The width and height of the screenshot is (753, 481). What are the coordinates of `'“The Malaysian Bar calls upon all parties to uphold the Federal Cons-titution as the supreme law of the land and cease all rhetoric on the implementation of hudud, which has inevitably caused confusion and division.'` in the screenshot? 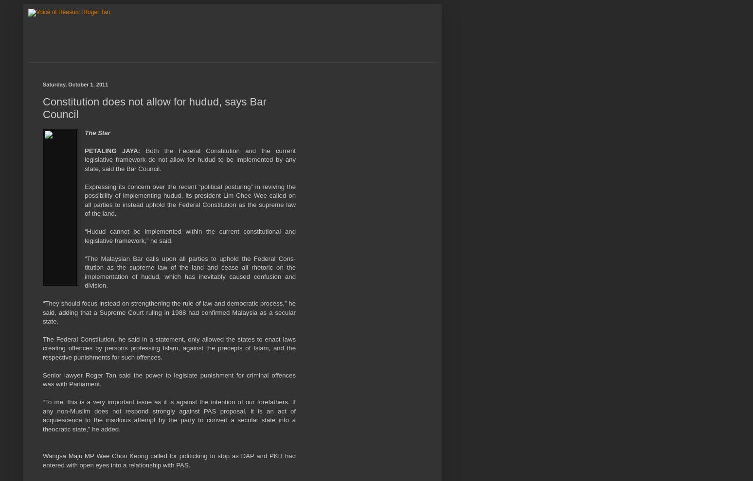 It's located at (84, 272).